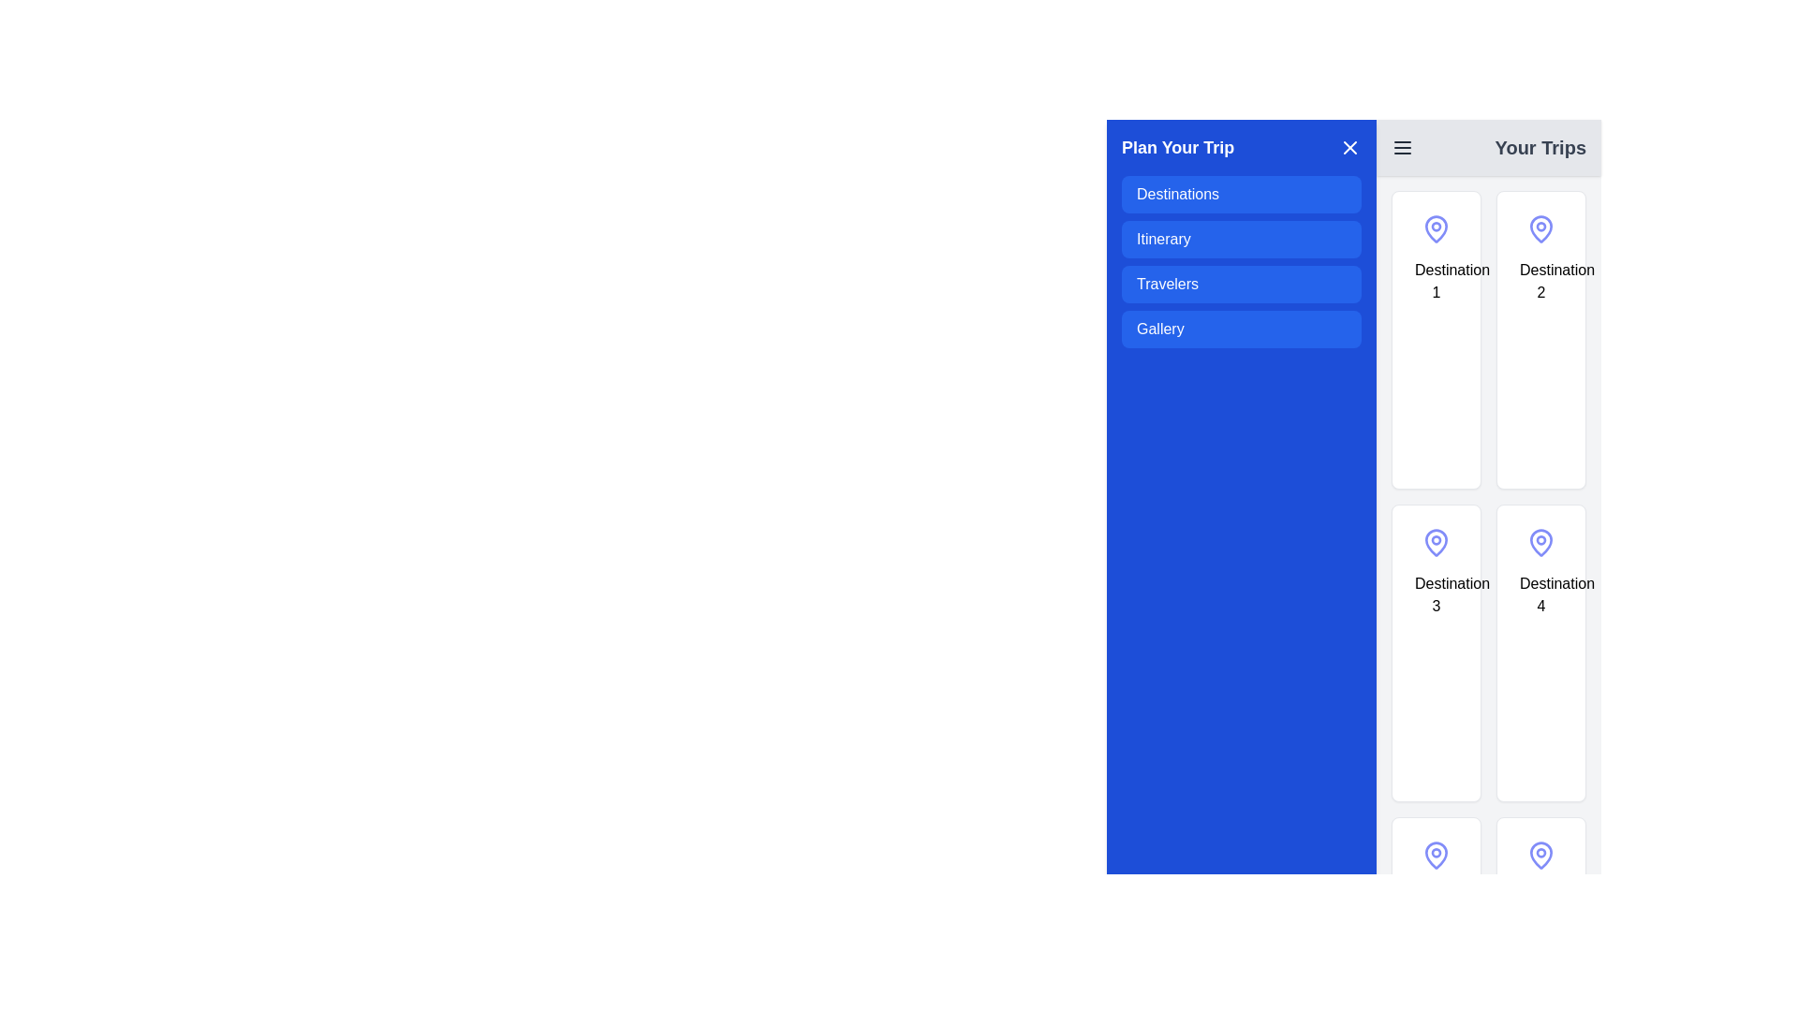  Describe the element at coordinates (1541, 227) in the screenshot. I see `the Vector graphic icon resembling a map pin shape located in the second card under 'Destination 2' in the 'Your Trips' section` at that location.